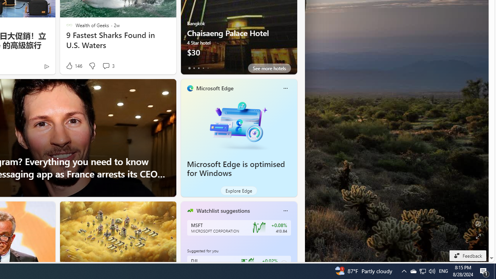 Image resolution: width=496 pixels, height=279 pixels. Describe the element at coordinates (477, 236) in the screenshot. I see `'Expand background'` at that location.